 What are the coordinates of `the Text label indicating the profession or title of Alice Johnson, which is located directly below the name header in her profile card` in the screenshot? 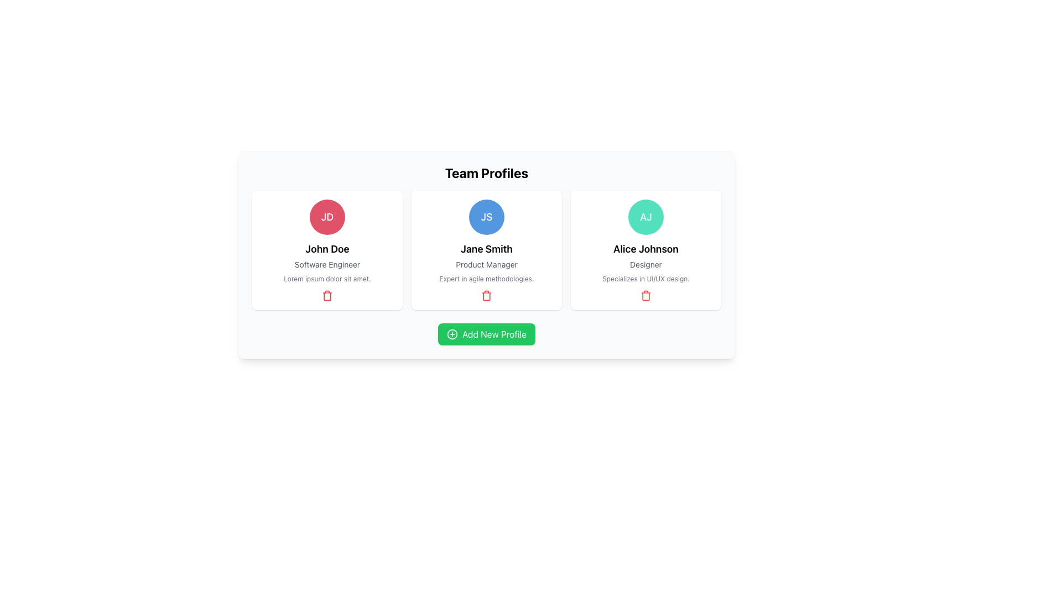 It's located at (645, 264).